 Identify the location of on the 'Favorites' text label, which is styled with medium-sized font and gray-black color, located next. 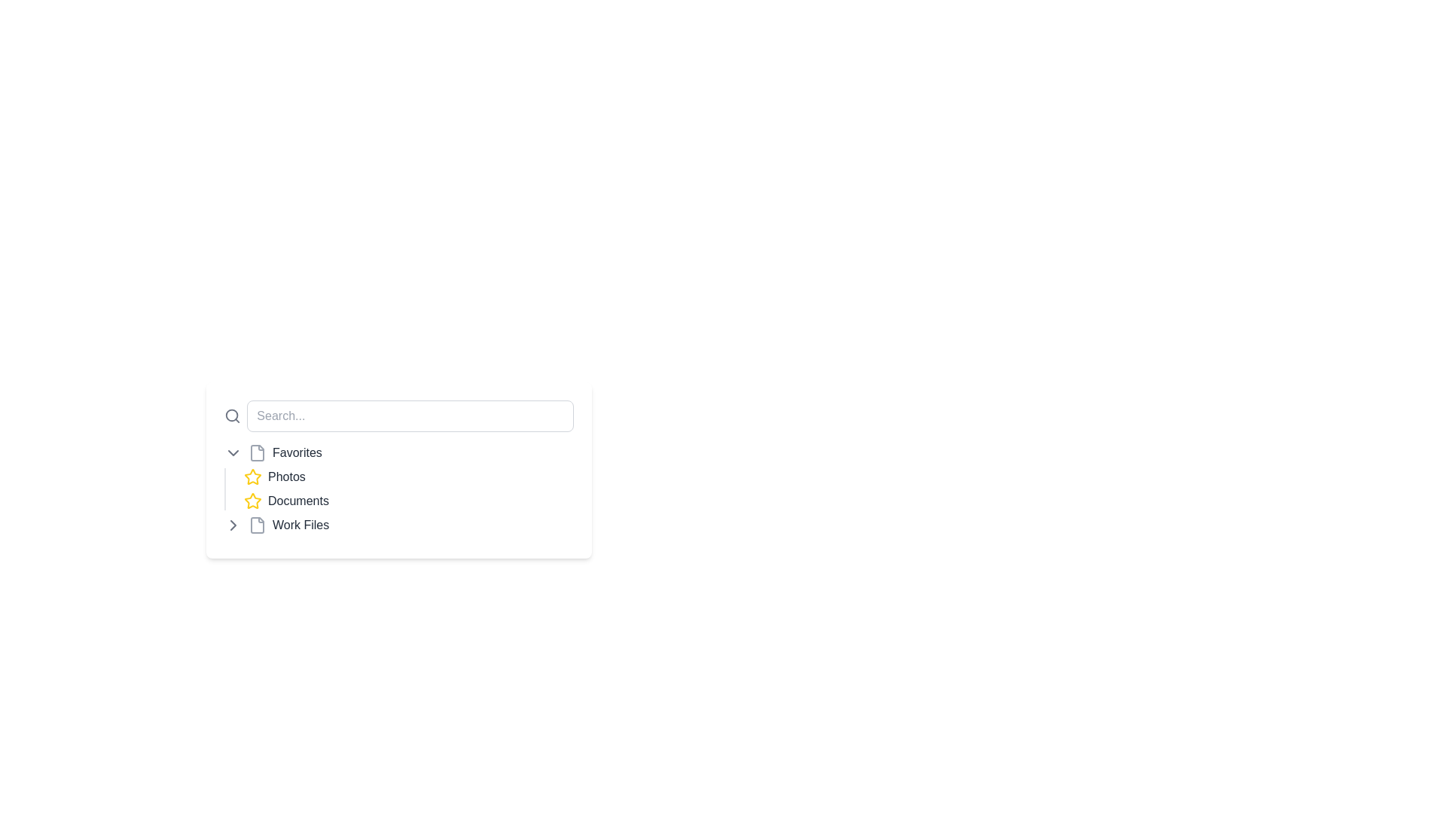
(297, 452).